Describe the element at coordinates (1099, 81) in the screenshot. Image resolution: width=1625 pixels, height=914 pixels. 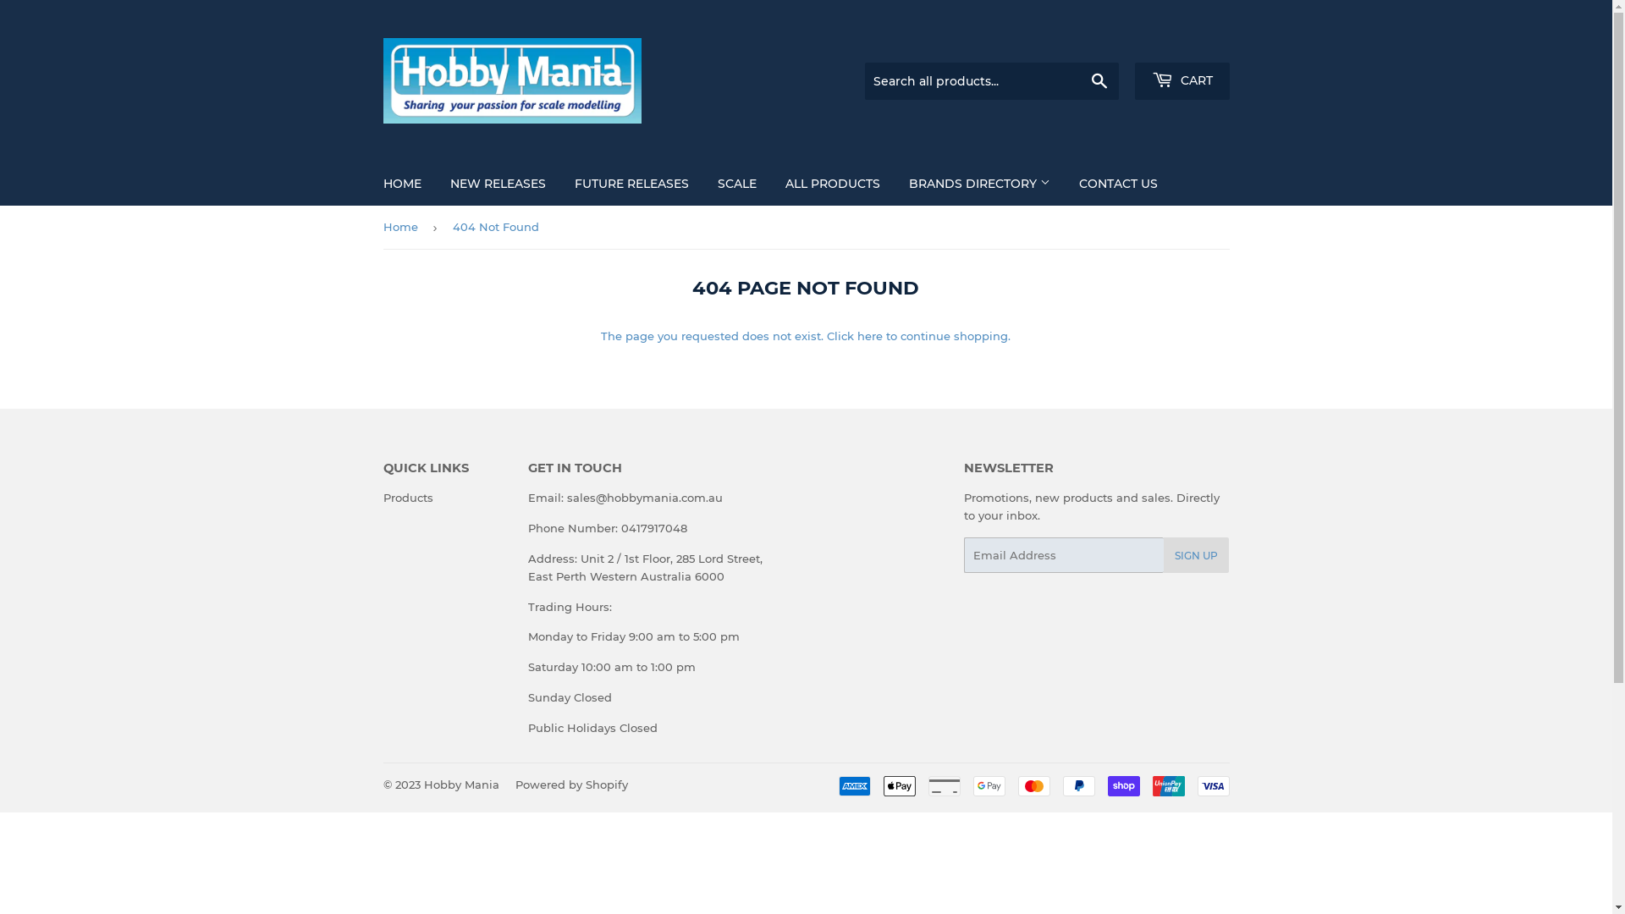
I see `'Search'` at that location.